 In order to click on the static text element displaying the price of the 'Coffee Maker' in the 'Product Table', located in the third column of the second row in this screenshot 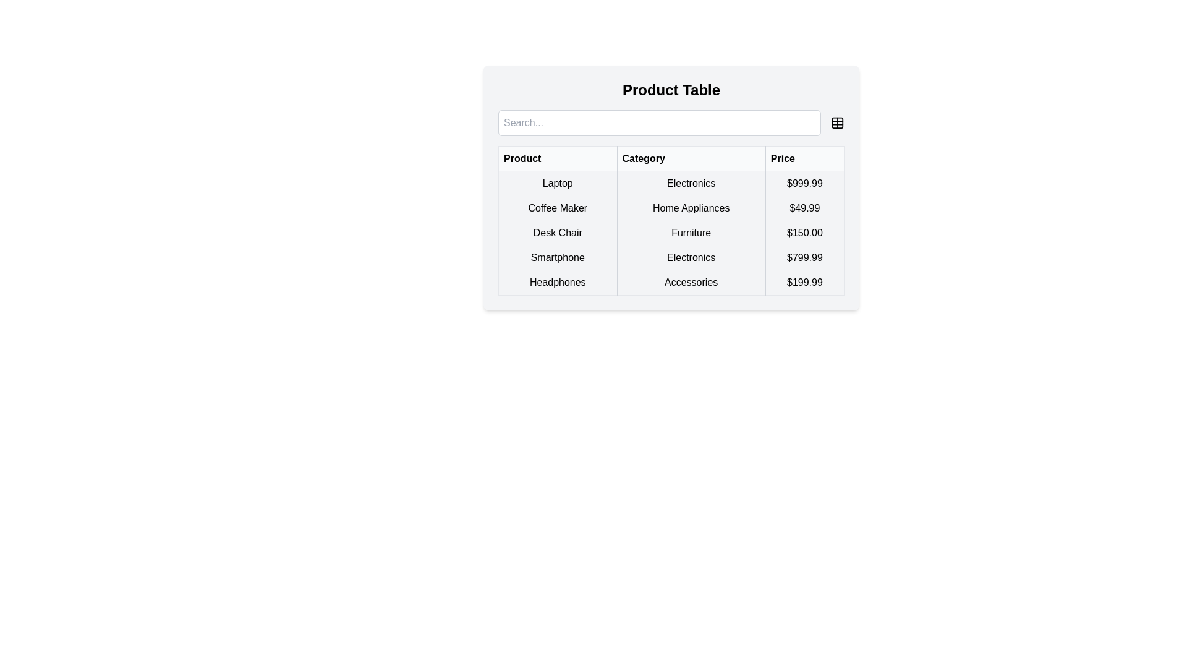, I will do `click(804, 207)`.